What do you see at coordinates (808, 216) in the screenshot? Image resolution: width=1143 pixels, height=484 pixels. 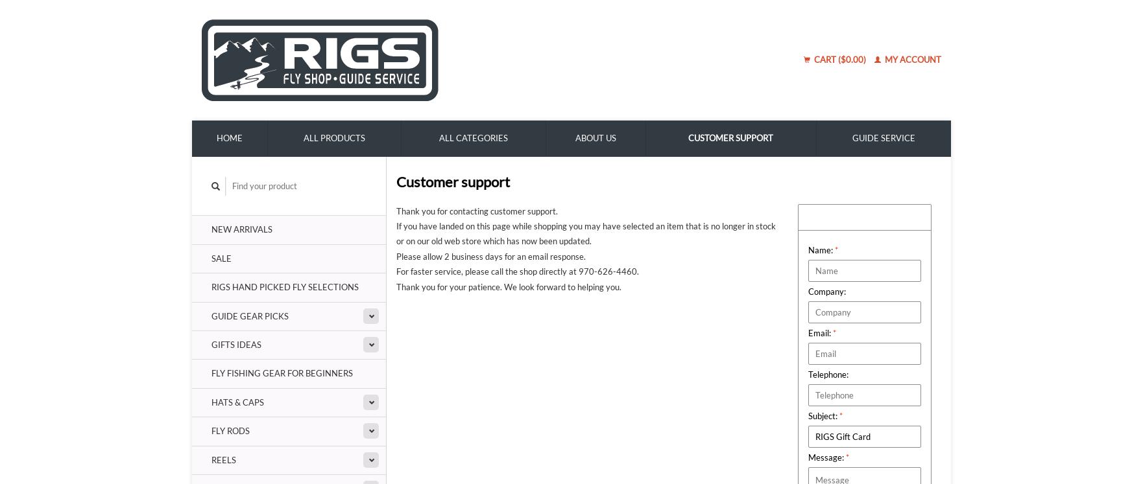 I see `'Contact us'` at bounding box center [808, 216].